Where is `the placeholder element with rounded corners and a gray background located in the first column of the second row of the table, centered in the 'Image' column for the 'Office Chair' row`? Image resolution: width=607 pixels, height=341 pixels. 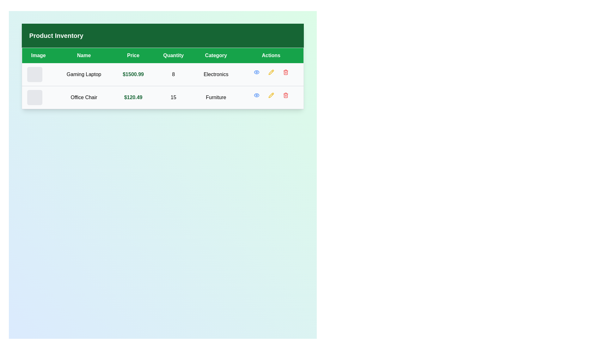
the placeholder element with rounded corners and a gray background located in the first column of the second row of the table, centered in the 'Image' column for the 'Office Chair' row is located at coordinates (34, 97).